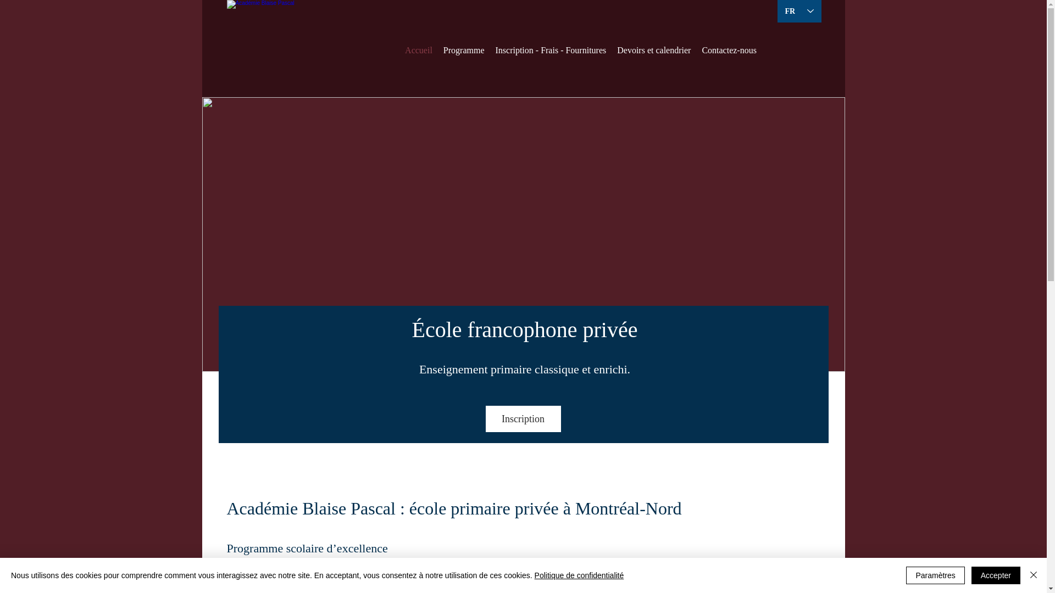 Image resolution: width=1055 pixels, height=593 pixels. What do you see at coordinates (523, 419) in the screenshot?
I see `'Inscription'` at bounding box center [523, 419].